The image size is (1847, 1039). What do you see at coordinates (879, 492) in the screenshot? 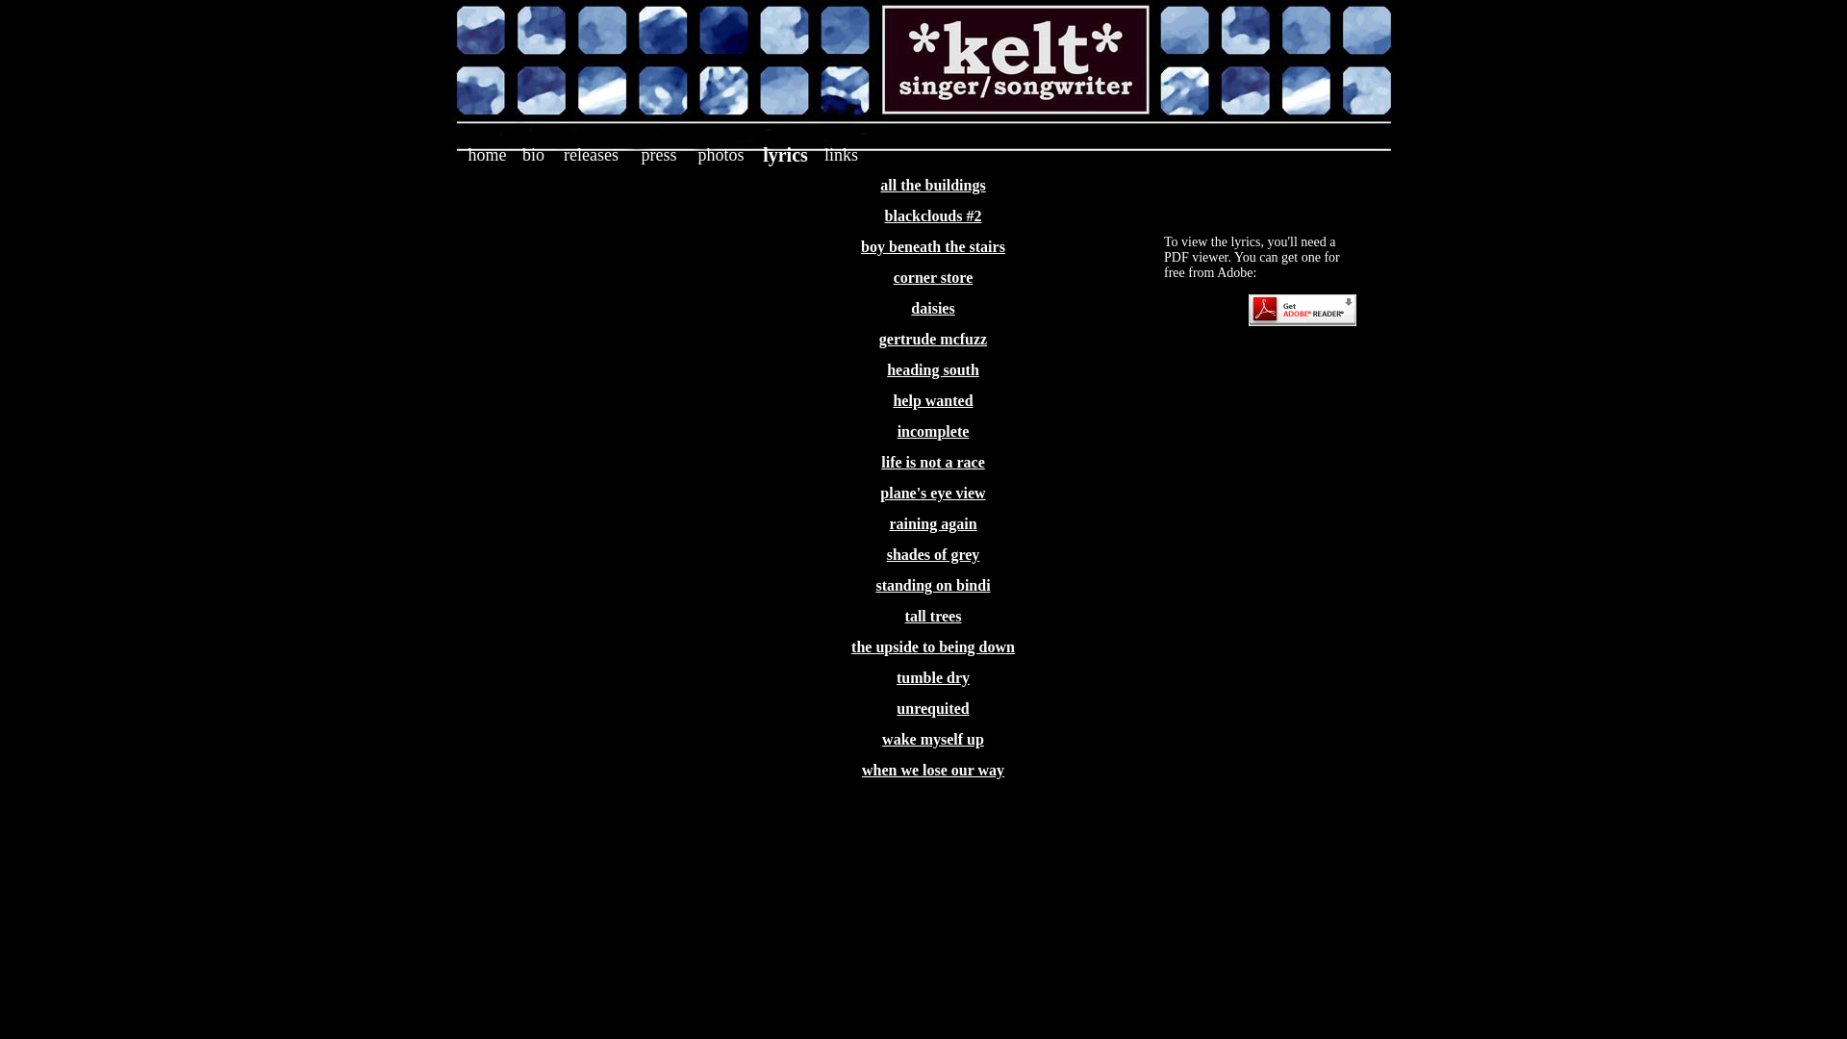
I see `'plane's eye view'` at bounding box center [879, 492].